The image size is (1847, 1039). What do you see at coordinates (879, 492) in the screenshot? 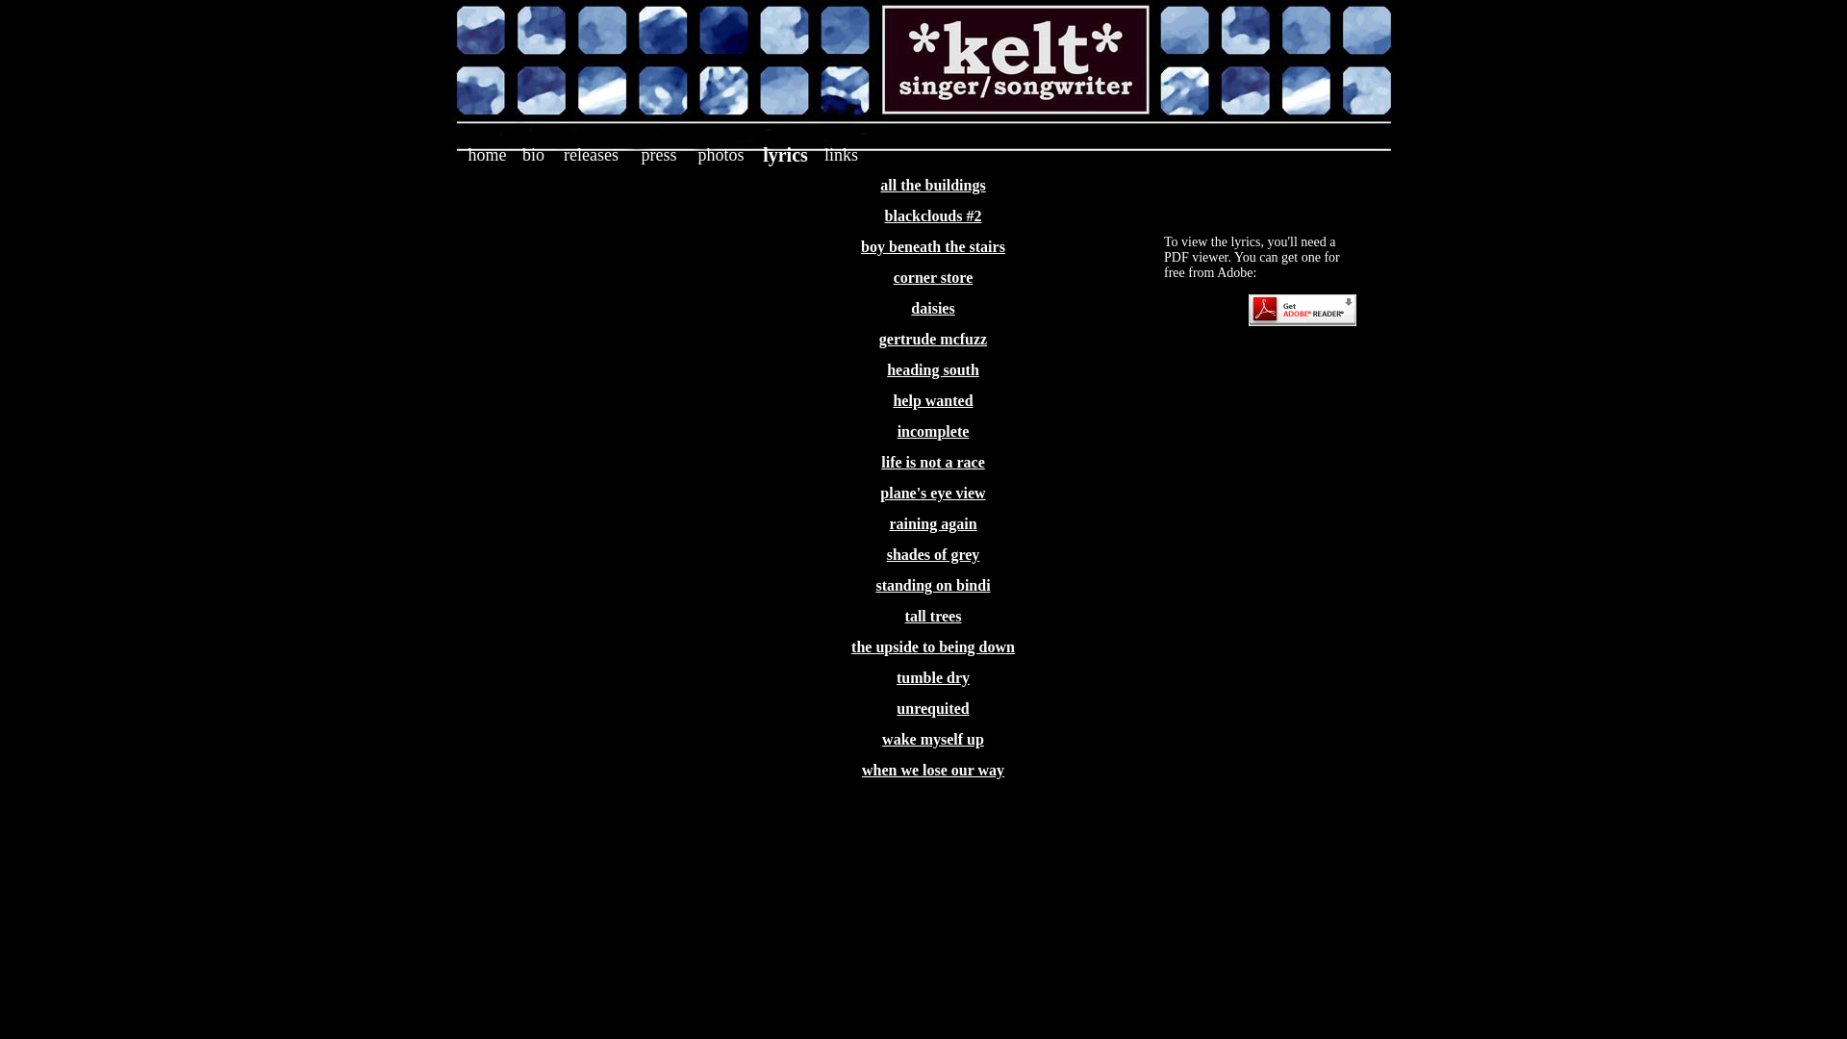
I see `'plane's eye view'` at bounding box center [879, 492].